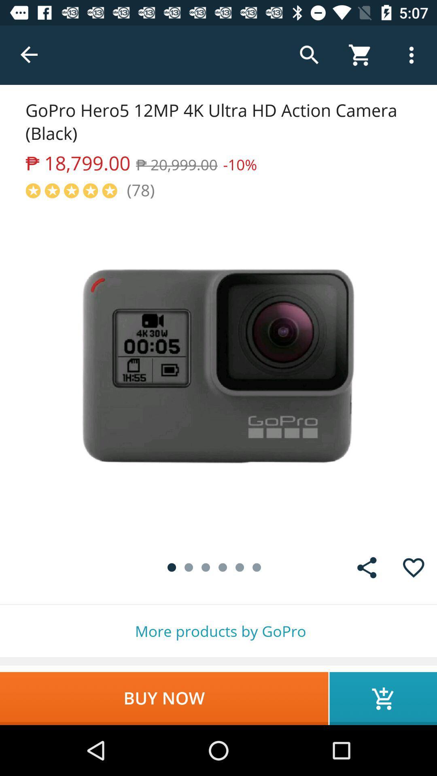 The width and height of the screenshot is (437, 776). I want to click on the item above gopro hero5 12mp item, so click(29, 55).